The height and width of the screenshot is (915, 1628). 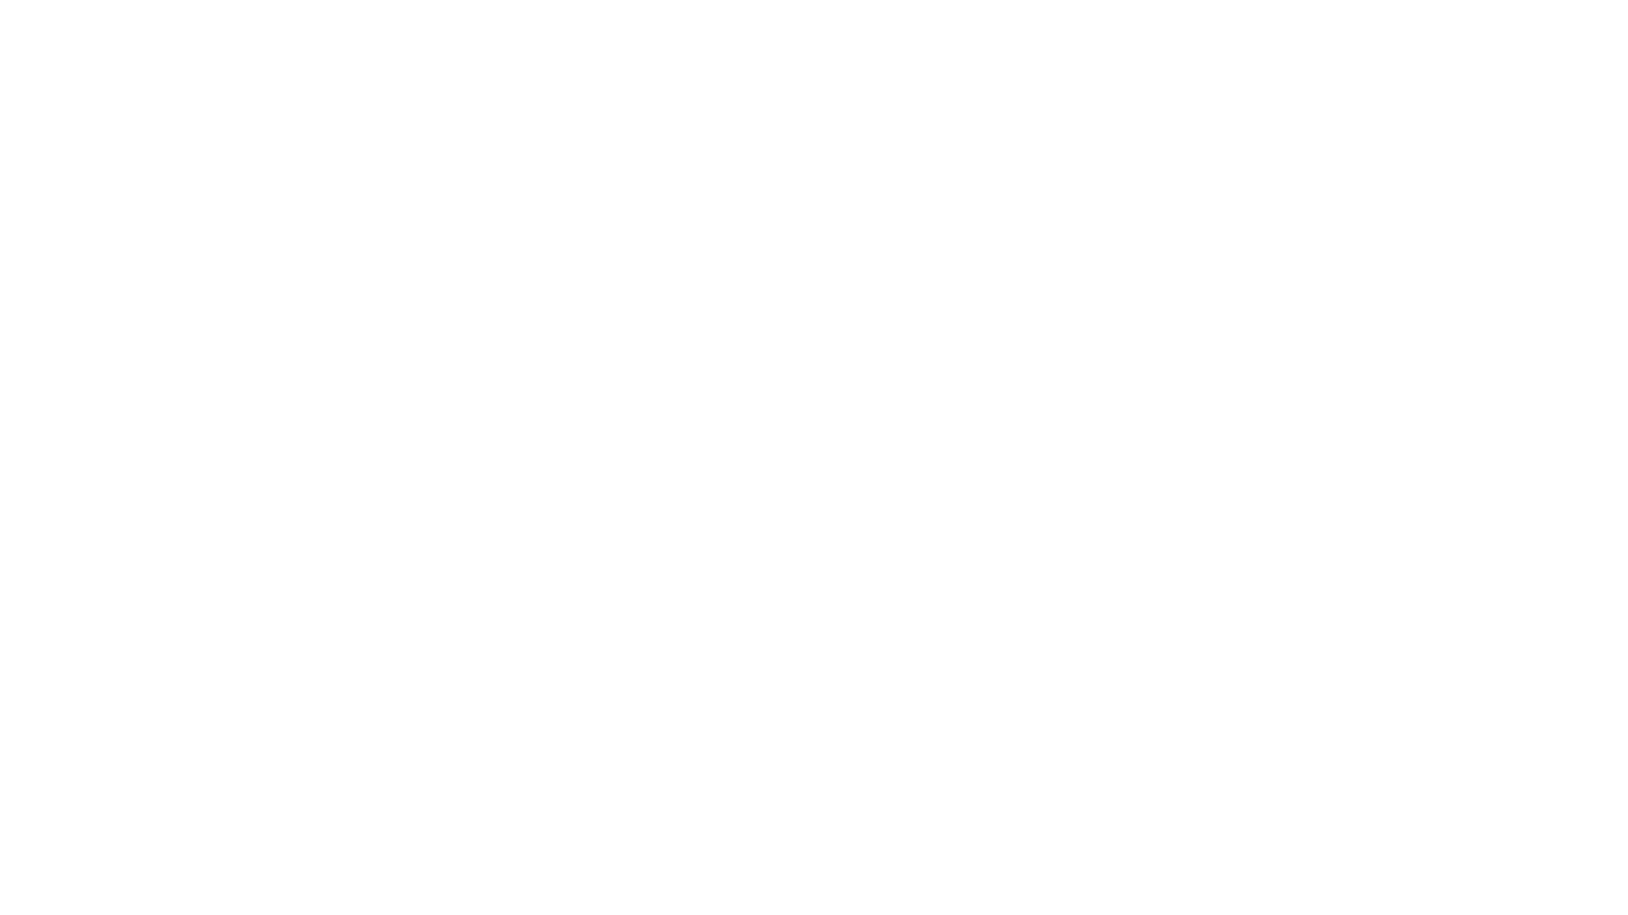 What do you see at coordinates (735, 53) in the screenshot?
I see `Annual Meeting Seminar` at bounding box center [735, 53].